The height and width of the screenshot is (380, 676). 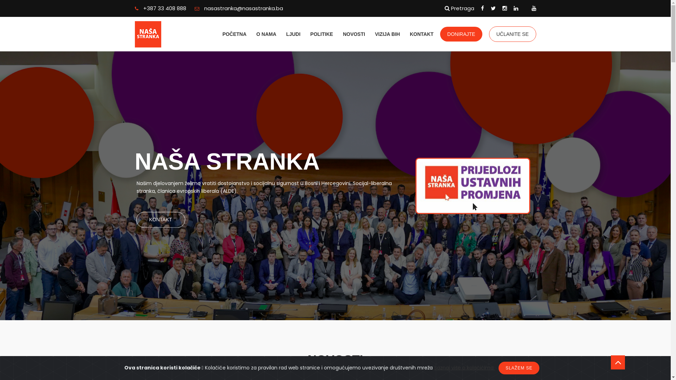 I want to click on 'Twitter', so click(x=493, y=8).